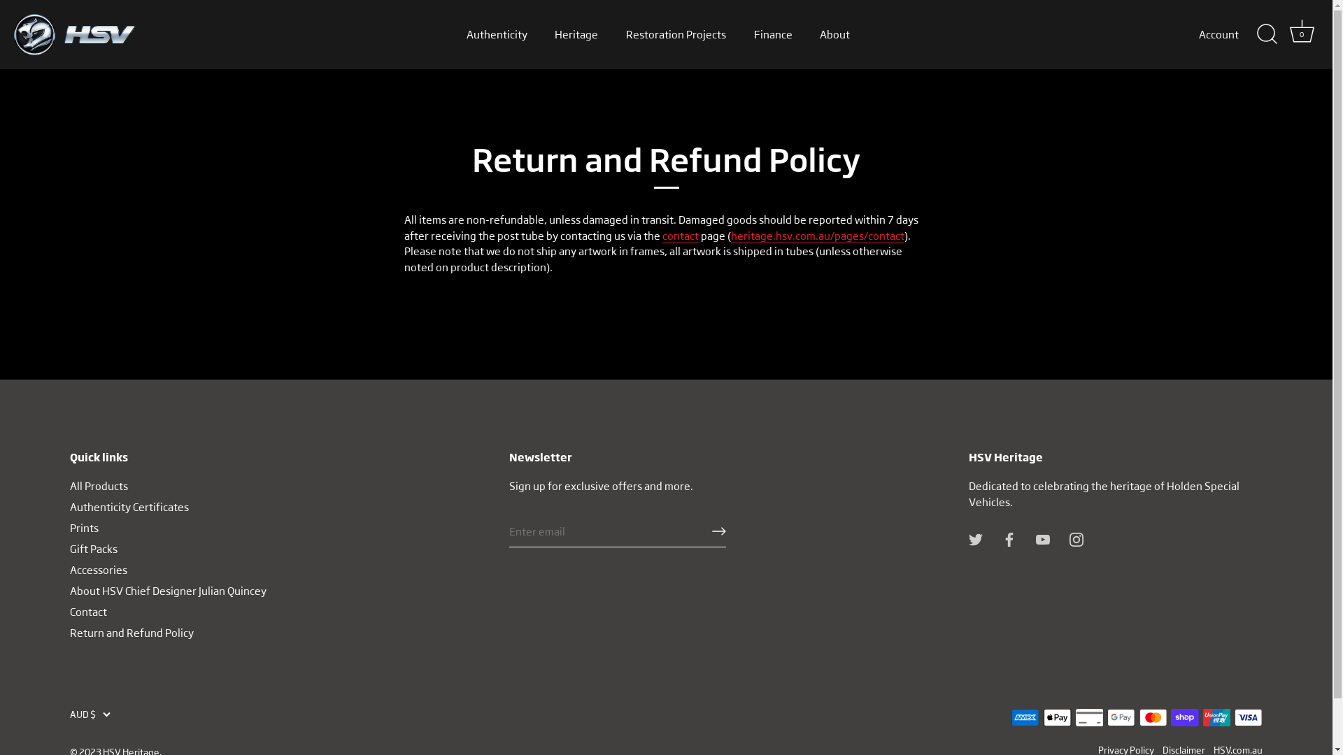 The height and width of the screenshot is (755, 1343). Describe the element at coordinates (83, 527) in the screenshot. I see `'Prints'` at that location.